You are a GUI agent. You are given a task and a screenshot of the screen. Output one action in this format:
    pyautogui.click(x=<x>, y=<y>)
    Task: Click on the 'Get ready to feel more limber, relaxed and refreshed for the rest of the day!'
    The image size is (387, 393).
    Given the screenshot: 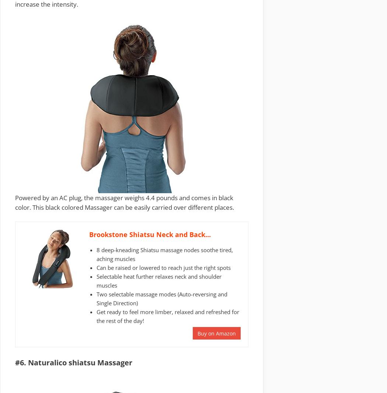 What is the action you would take?
    pyautogui.click(x=168, y=316)
    